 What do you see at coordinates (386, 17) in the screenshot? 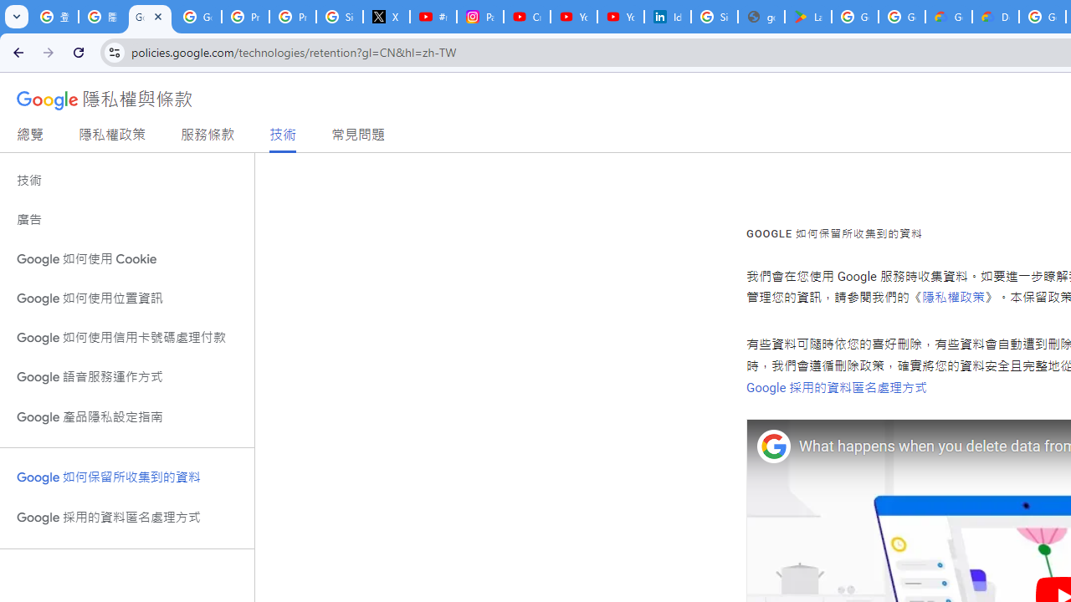
I see `'X'` at bounding box center [386, 17].